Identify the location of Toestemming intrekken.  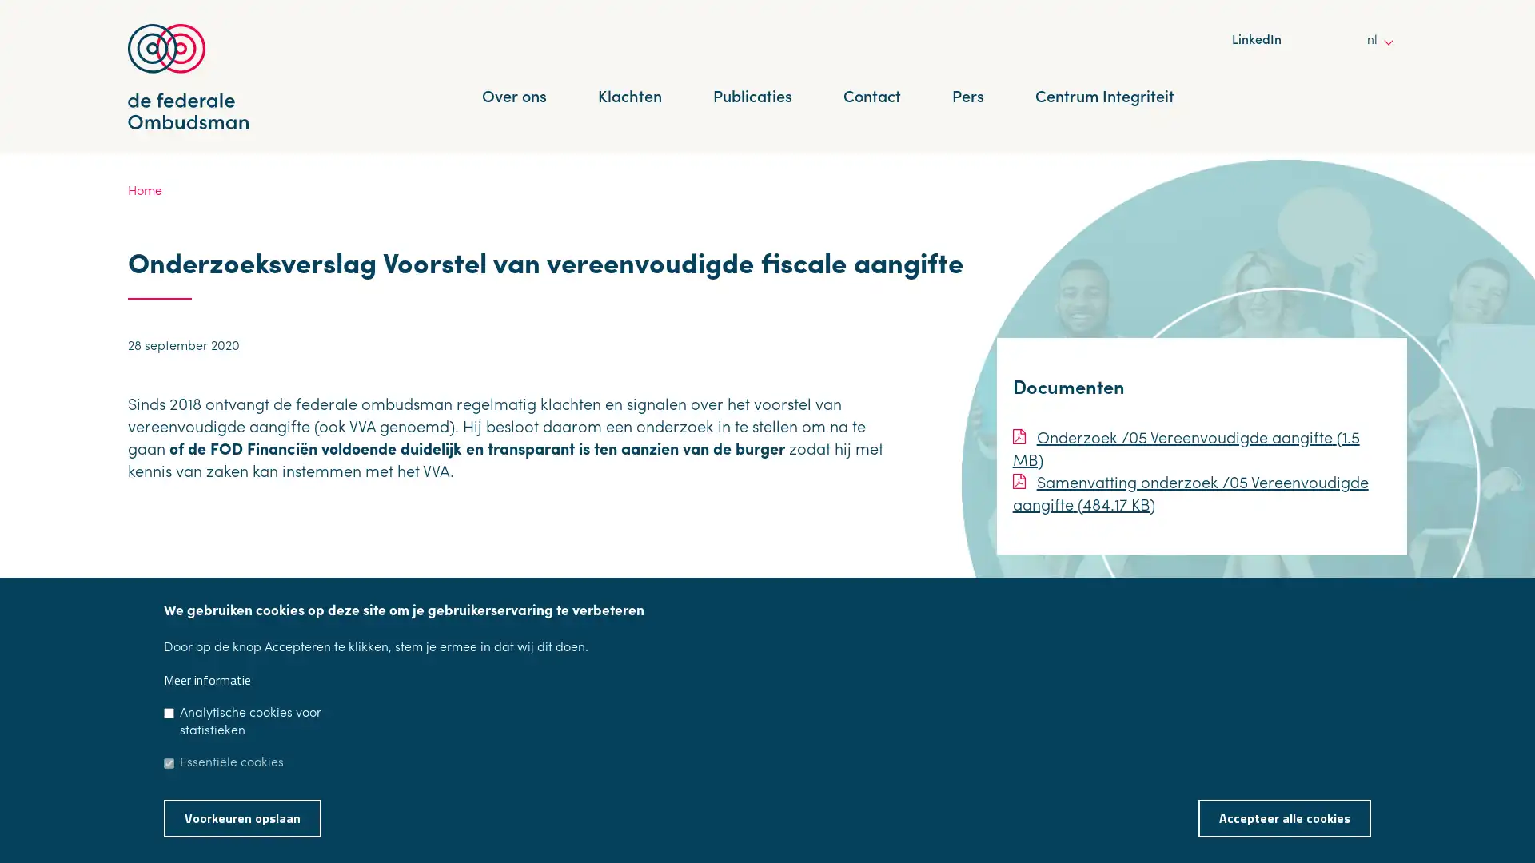
(1391, 807).